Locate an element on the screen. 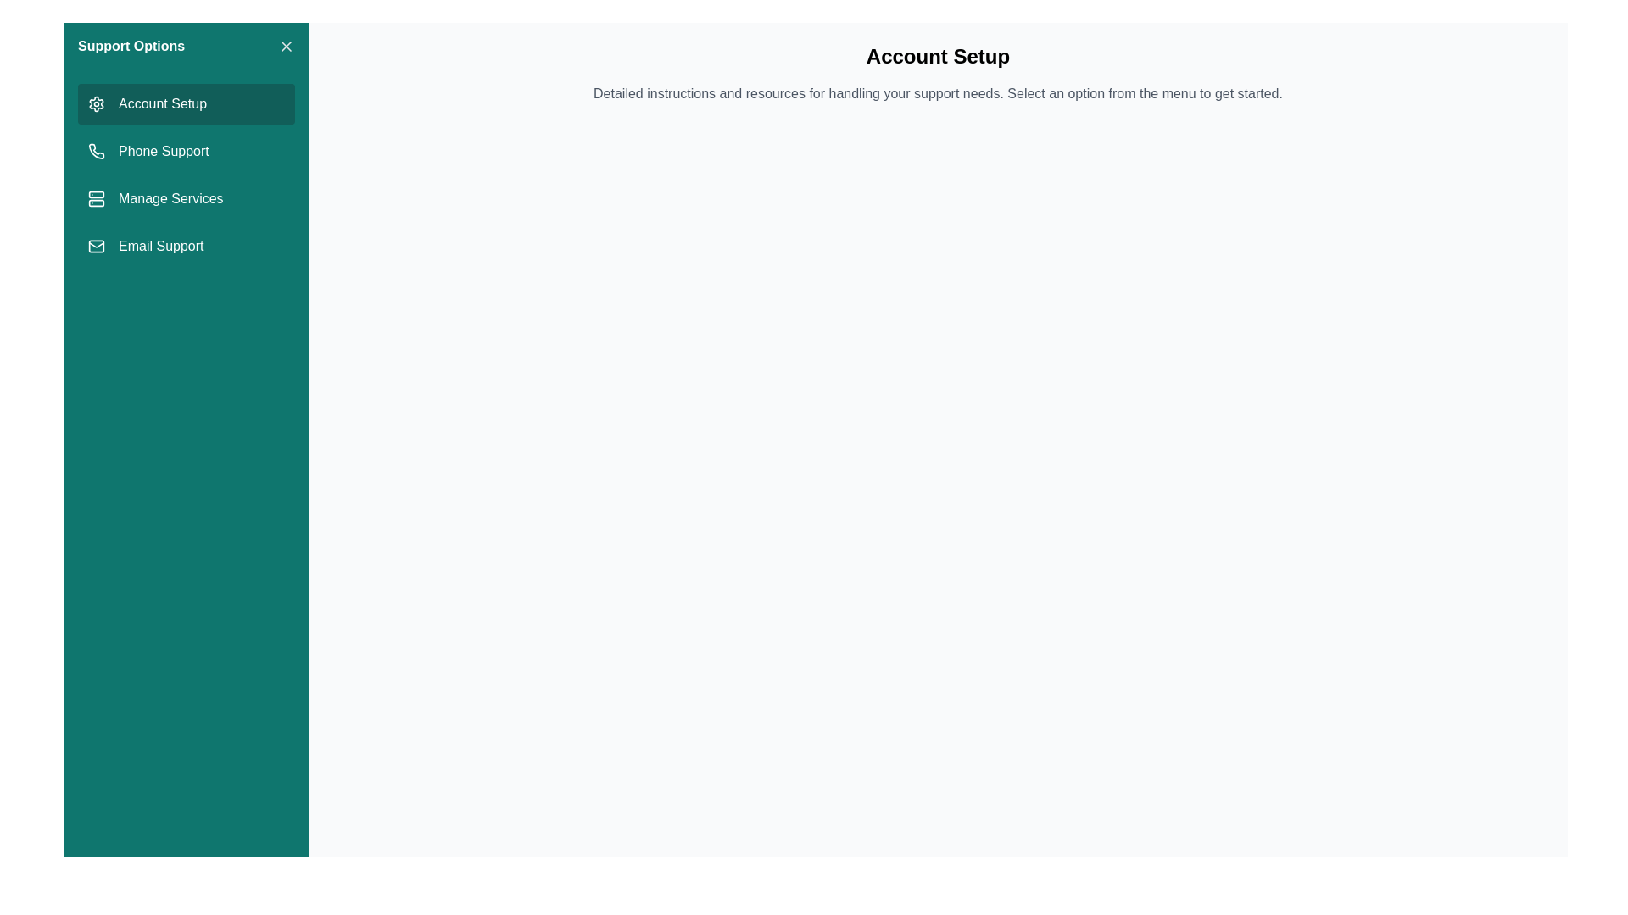  the fourth menu option in the teal sidebar that provides email support, located below 'Manage Services' and above subsequent items is located at coordinates (161, 246).